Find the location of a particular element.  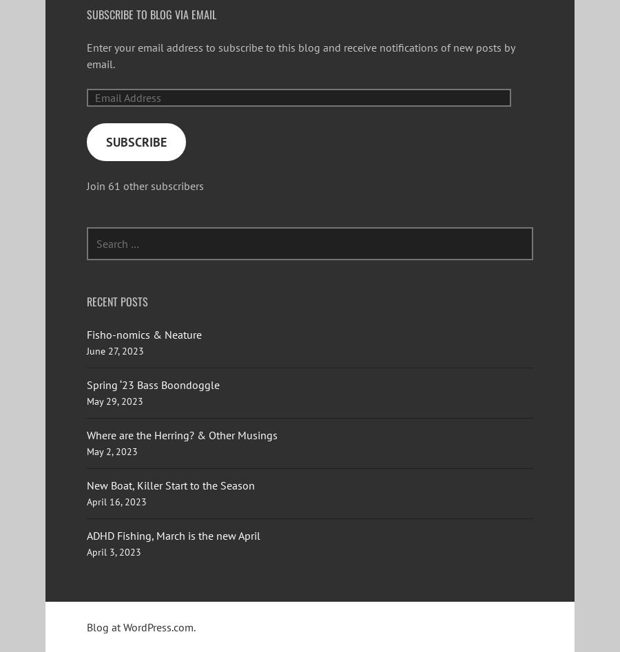

'June 27, 2023' is located at coordinates (87, 350).